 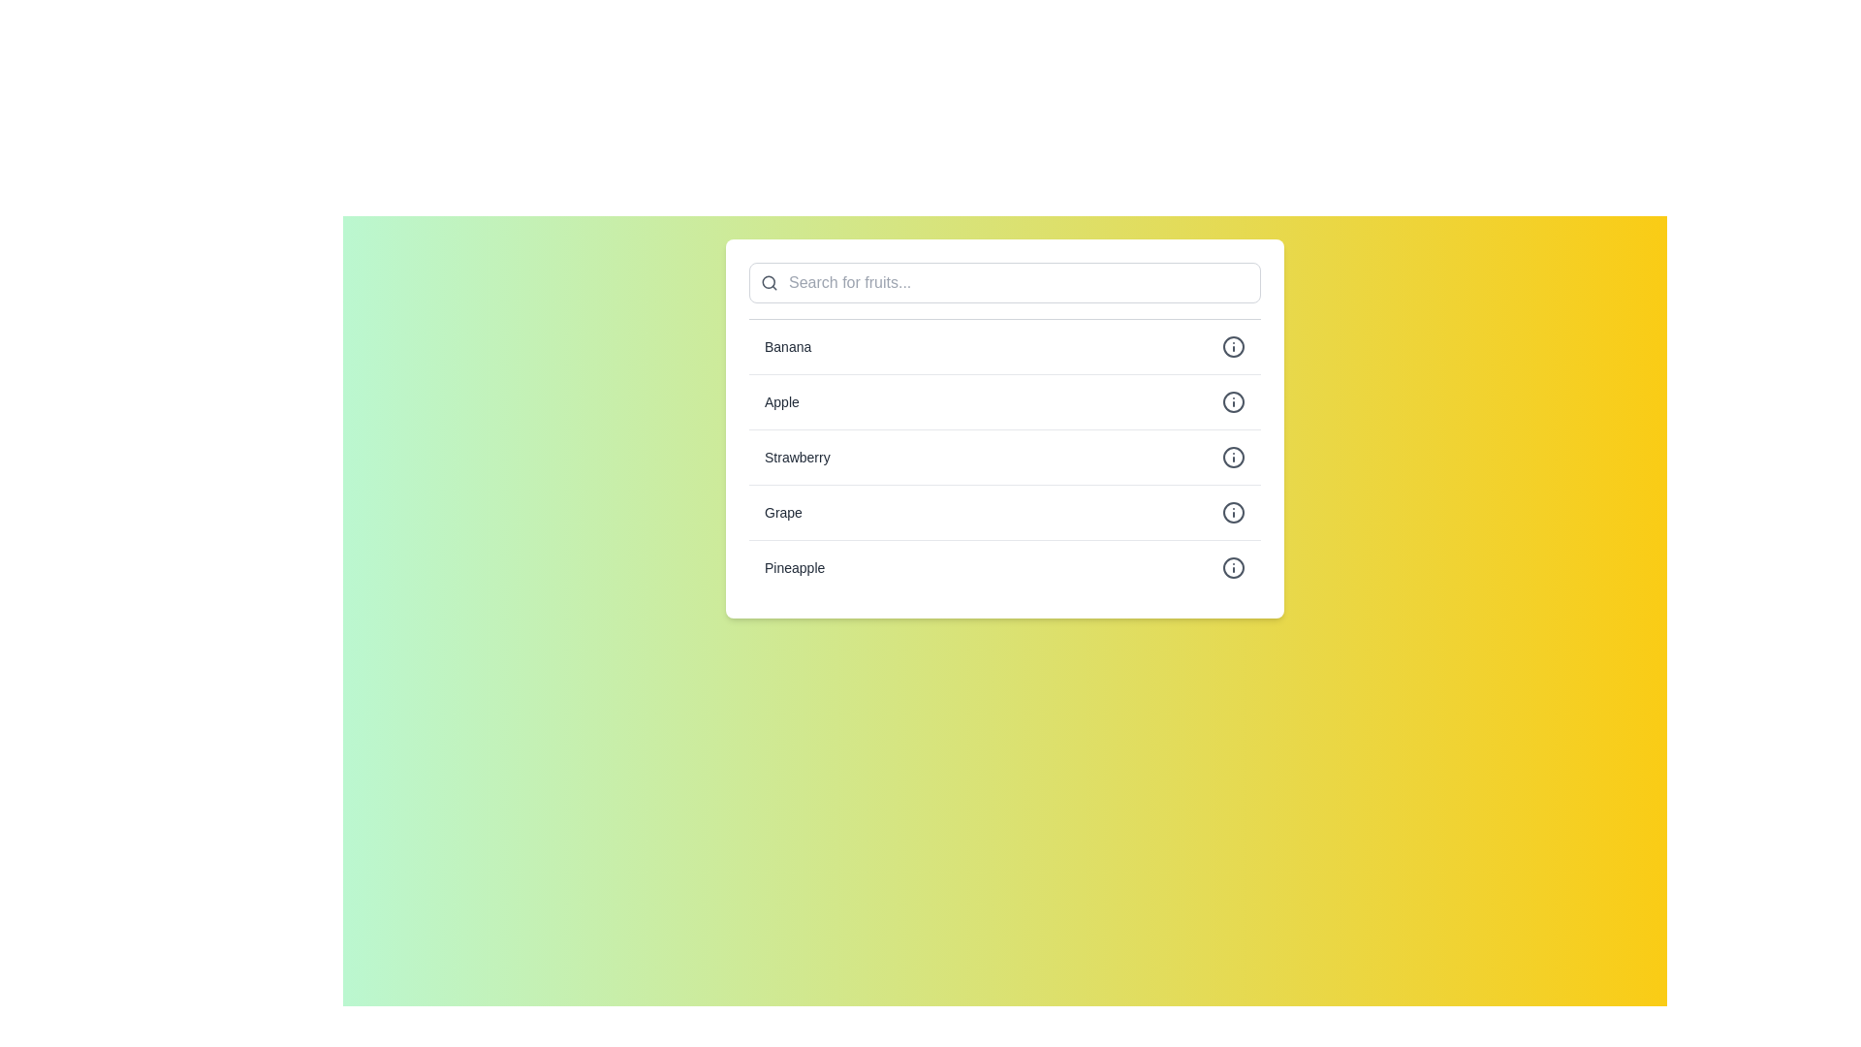 I want to click on the search icon located inside the search bar, positioned towards the leftmost boundary and vertically centered with the input box, so click(x=768, y=283).